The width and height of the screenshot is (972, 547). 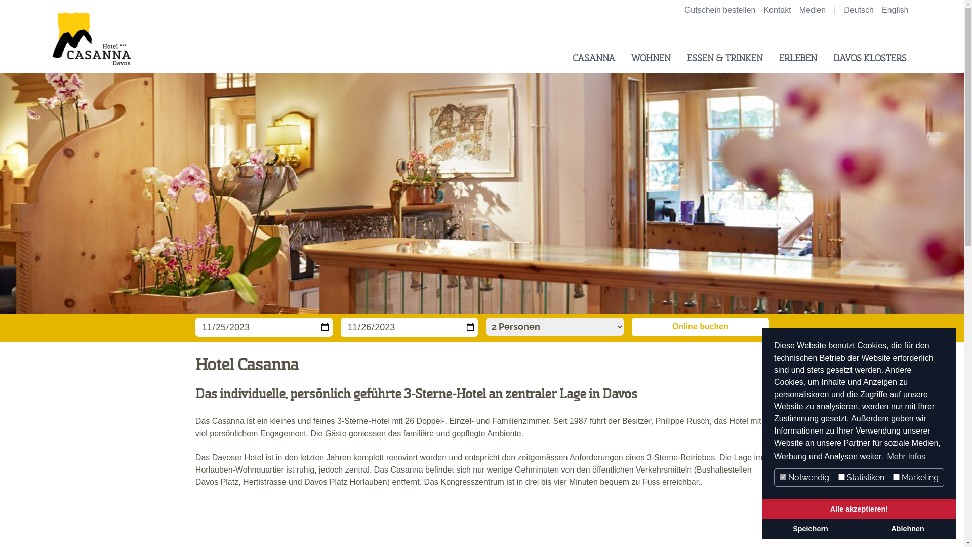 What do you see at coordinates (589, 58) in the screenshot?
I see `'CASANNA'` at bounding box center [589, 58].